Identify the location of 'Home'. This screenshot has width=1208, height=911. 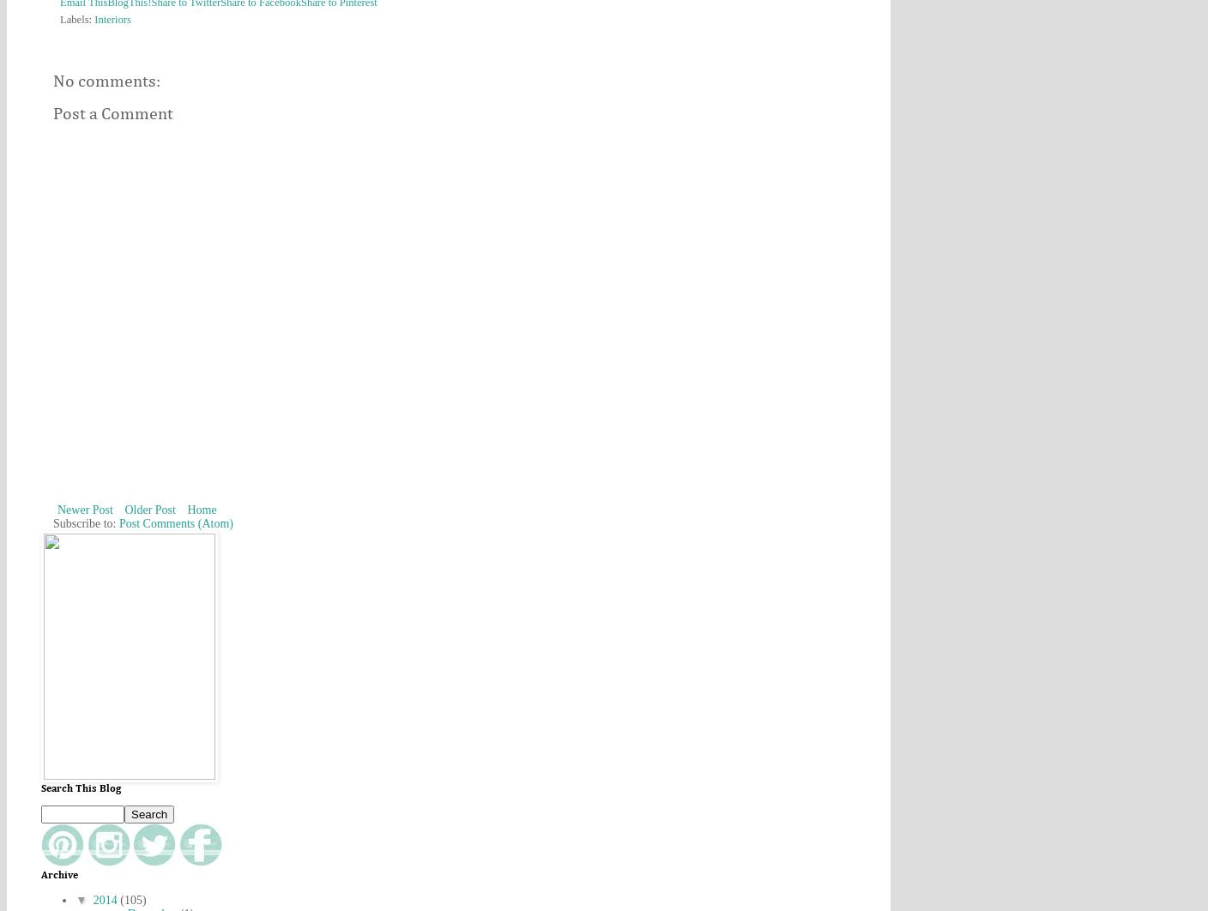
(200, 510).